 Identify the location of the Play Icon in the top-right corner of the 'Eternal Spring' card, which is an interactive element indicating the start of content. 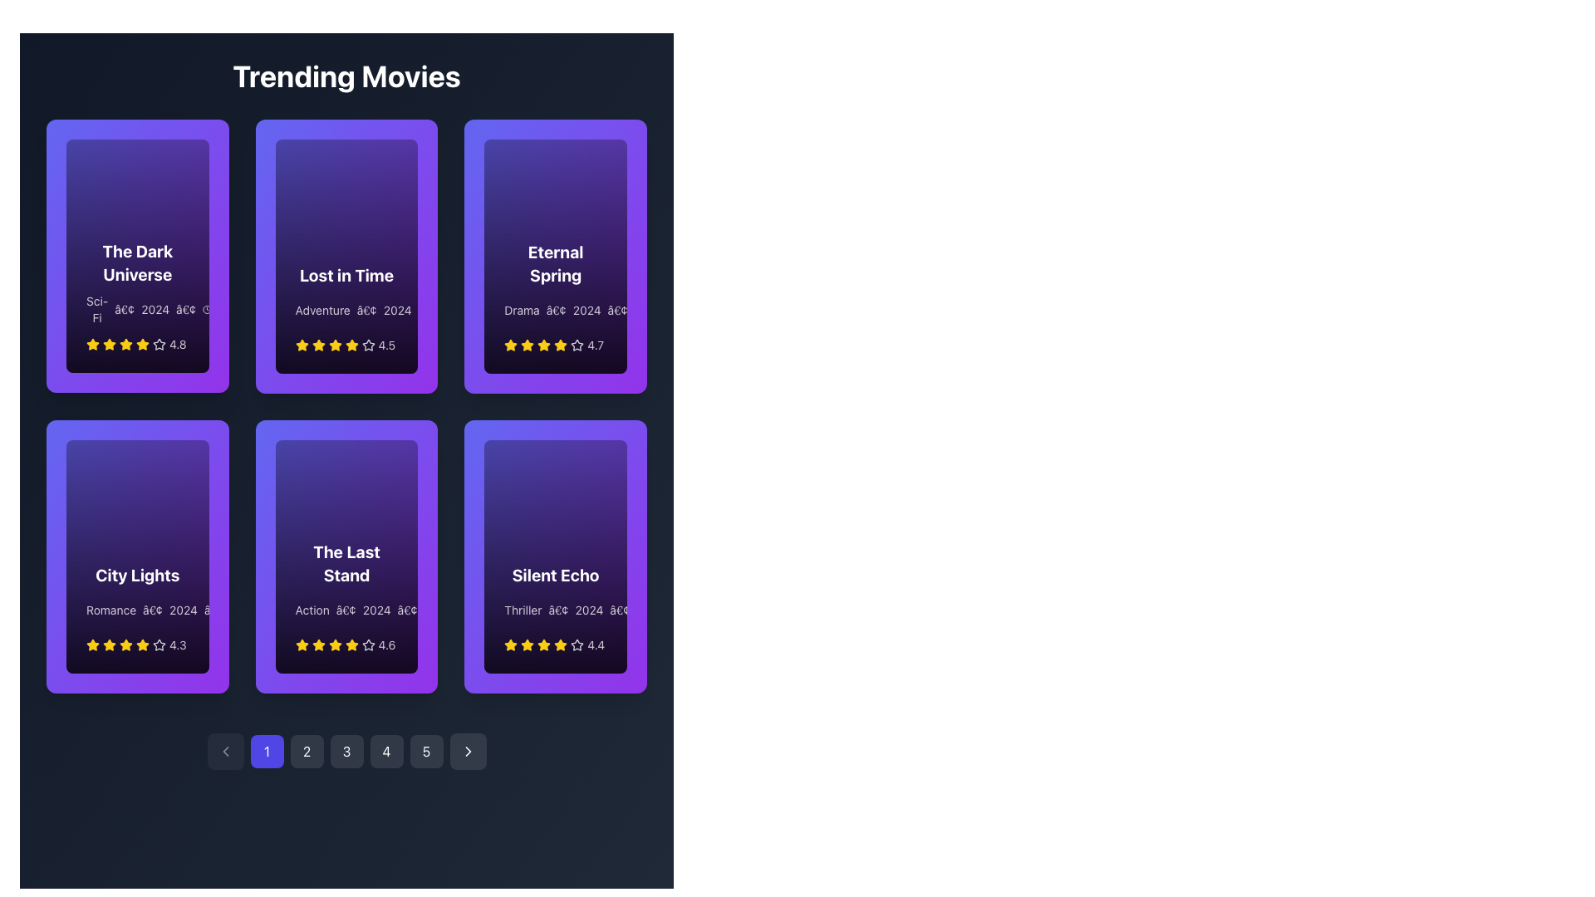
(618, 154).